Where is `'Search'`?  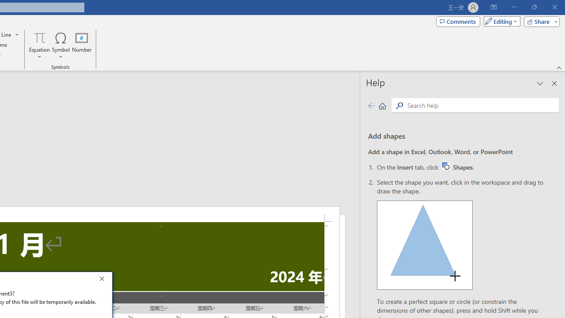
'Search' is located at coordinates (399, 105).